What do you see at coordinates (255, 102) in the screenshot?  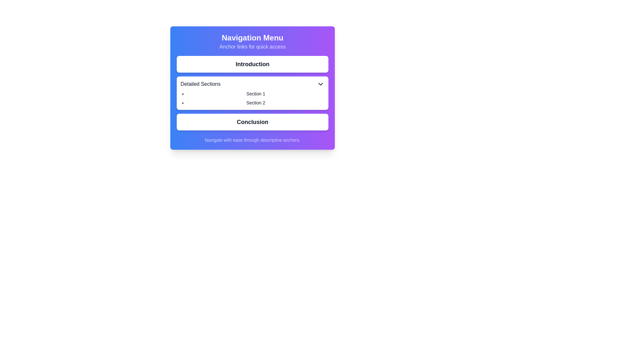 I see `the second entry in the indented list under 'Detailed Sections', which serves as a clickable anchor for navigation purposes` at bounding box center [255, 102].